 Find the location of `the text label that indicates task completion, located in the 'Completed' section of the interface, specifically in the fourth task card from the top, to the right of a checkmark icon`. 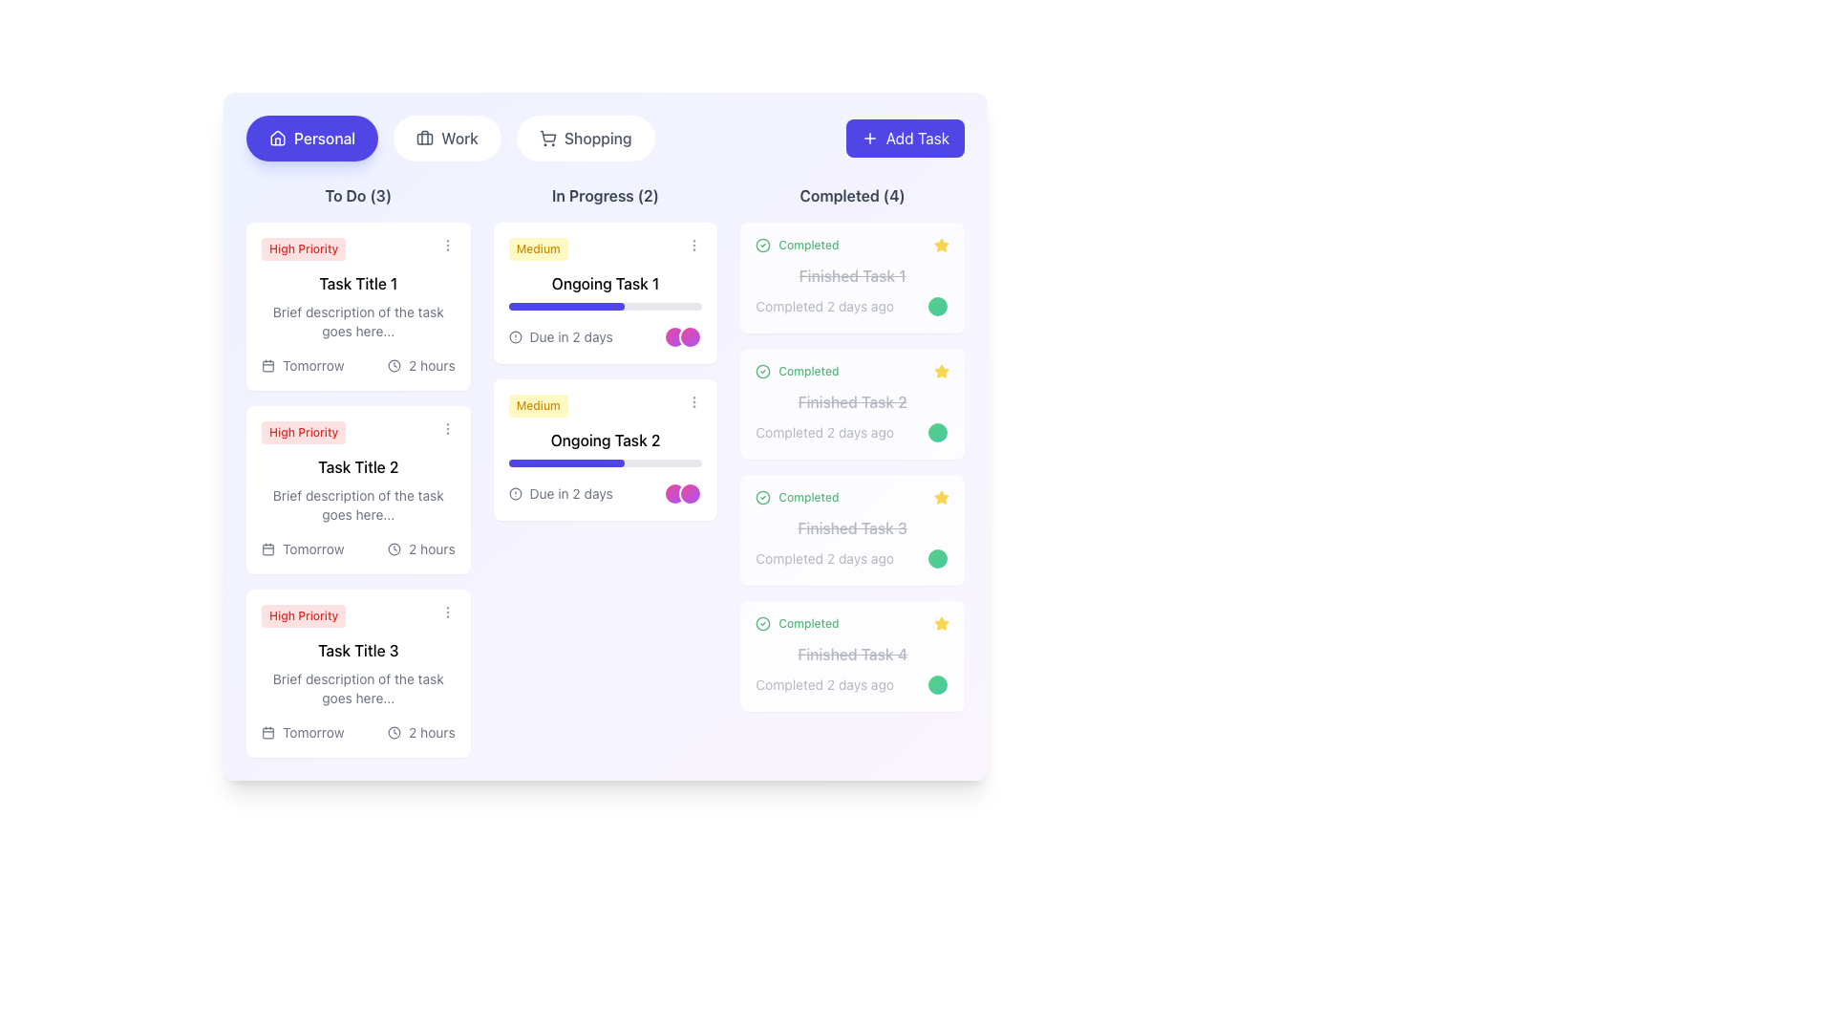

the text label that indicates task completion, located in the 'Completed' section of the interface, specifically in the fourth task card from the top, to the right of a checkmark icon is located at coordinates (808, 623).